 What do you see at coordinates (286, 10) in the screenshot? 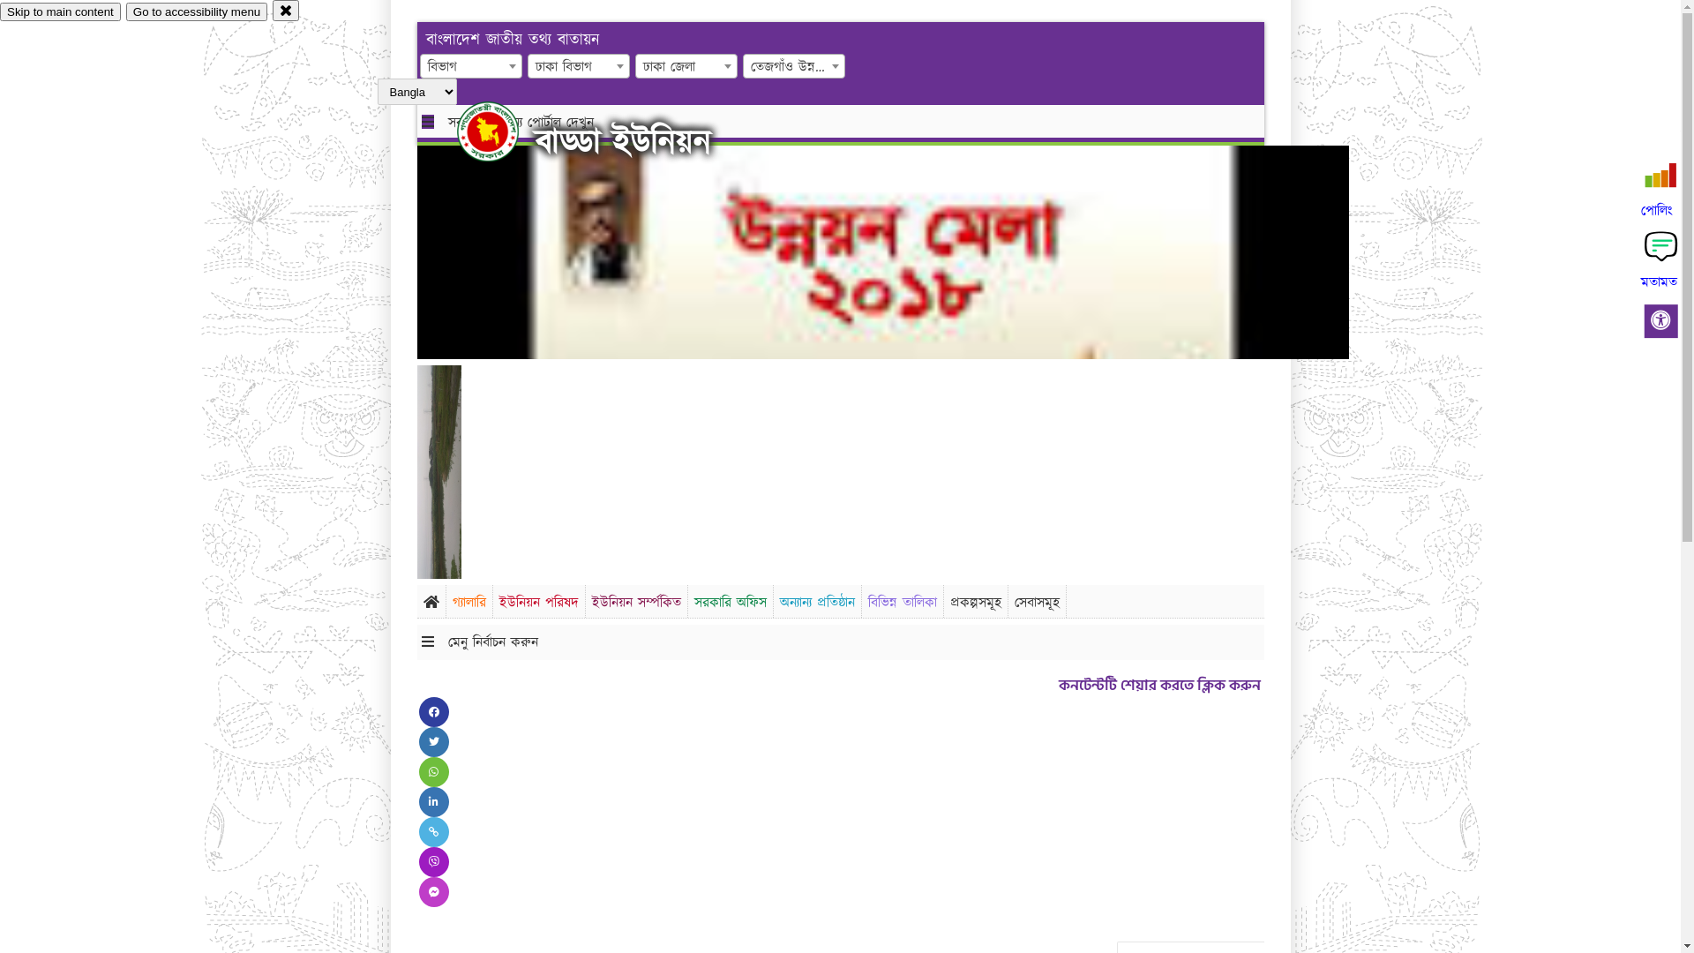
I see `'close'` at bounding box center [286, 10].